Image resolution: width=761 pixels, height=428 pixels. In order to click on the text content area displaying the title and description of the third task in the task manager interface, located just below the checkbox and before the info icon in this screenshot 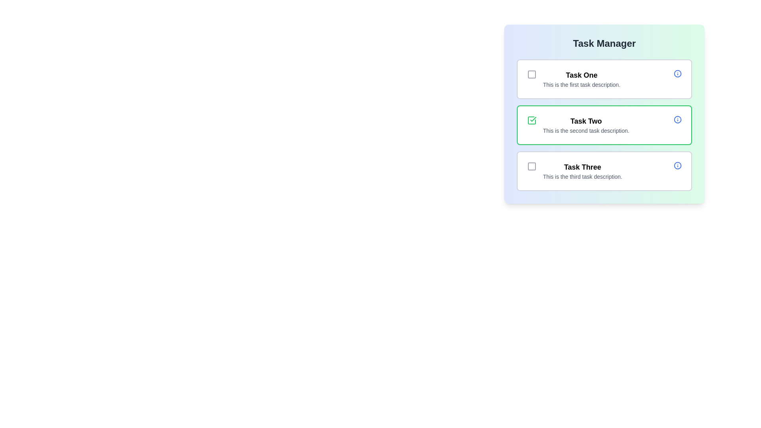, I will do `click(582, 171)`.